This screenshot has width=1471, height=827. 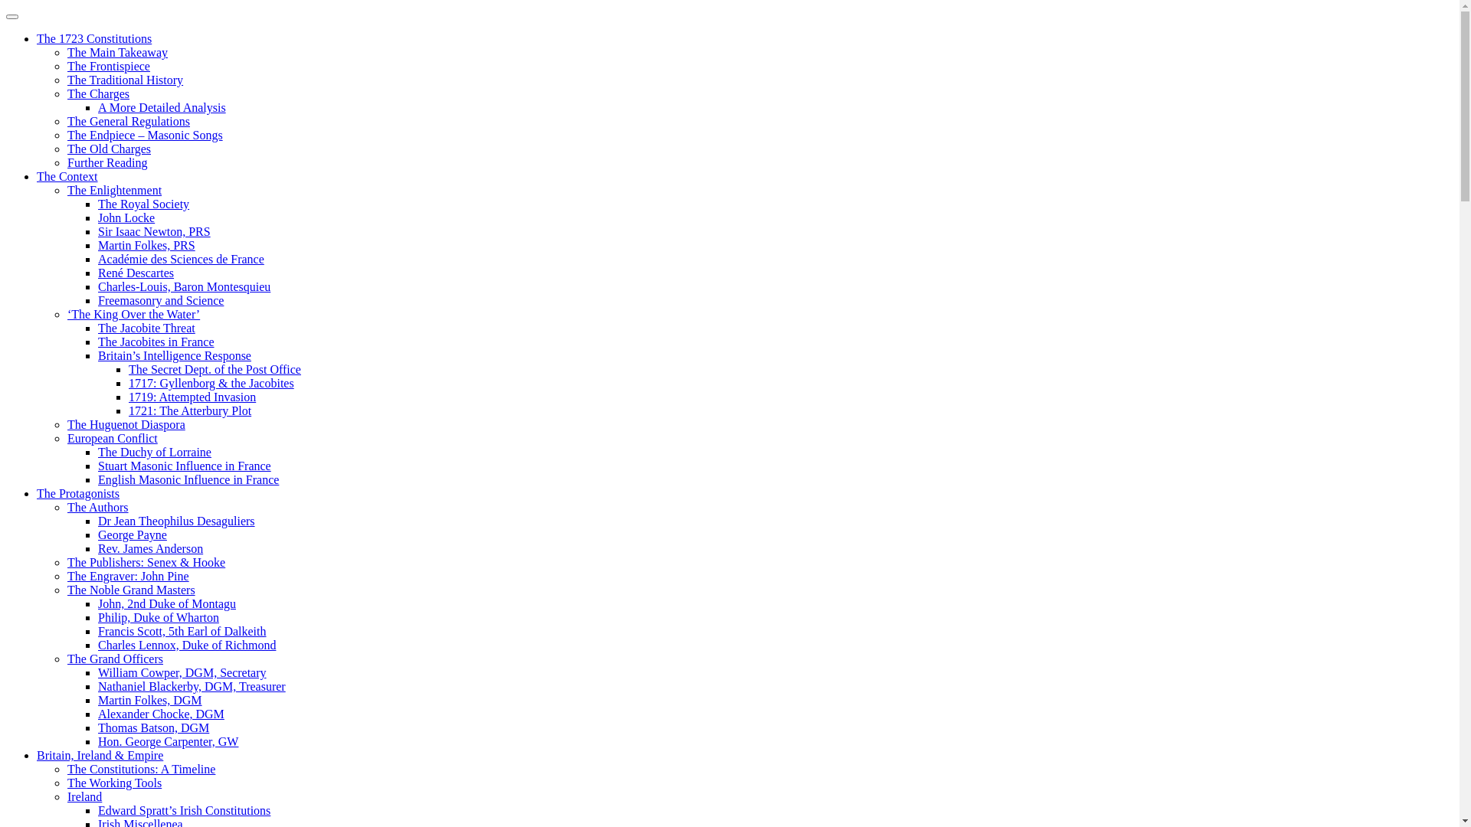 I want to click on 'The Publishers: Senex & Hooke', so click(x=146, y=562).